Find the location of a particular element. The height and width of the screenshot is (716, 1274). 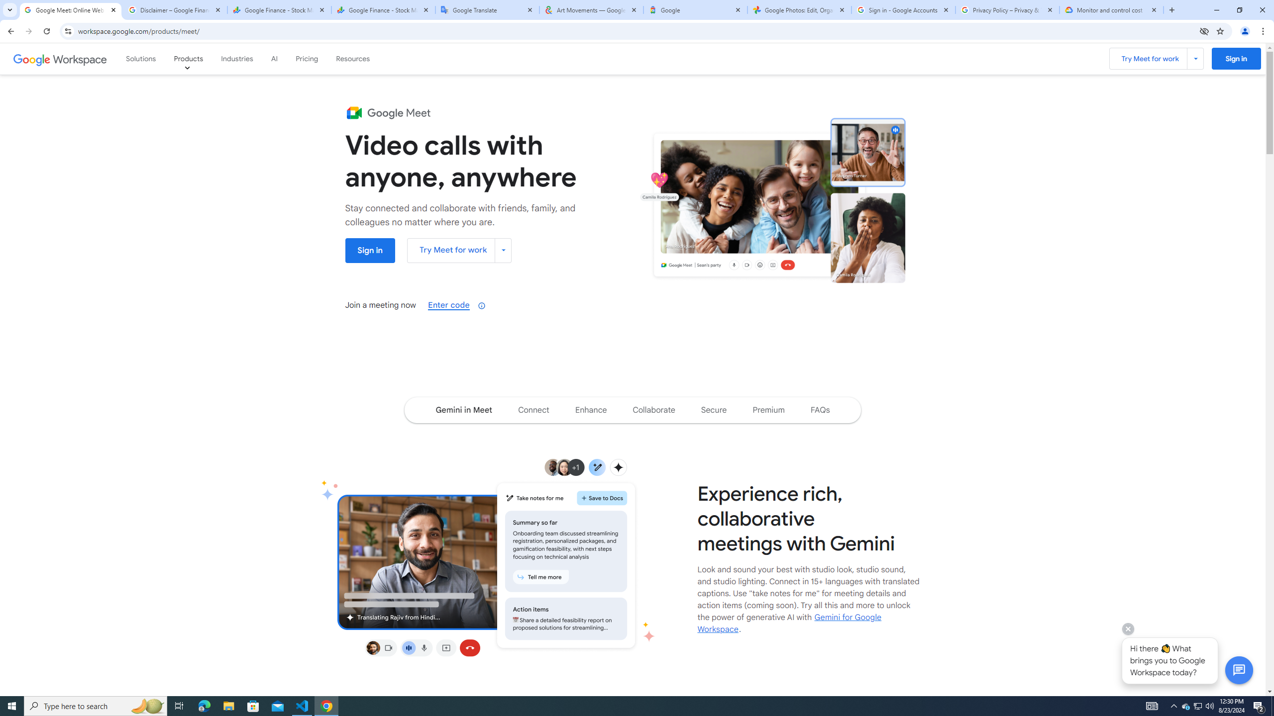

'Sign into Google Meet ' is located at coordinates (370, 250).